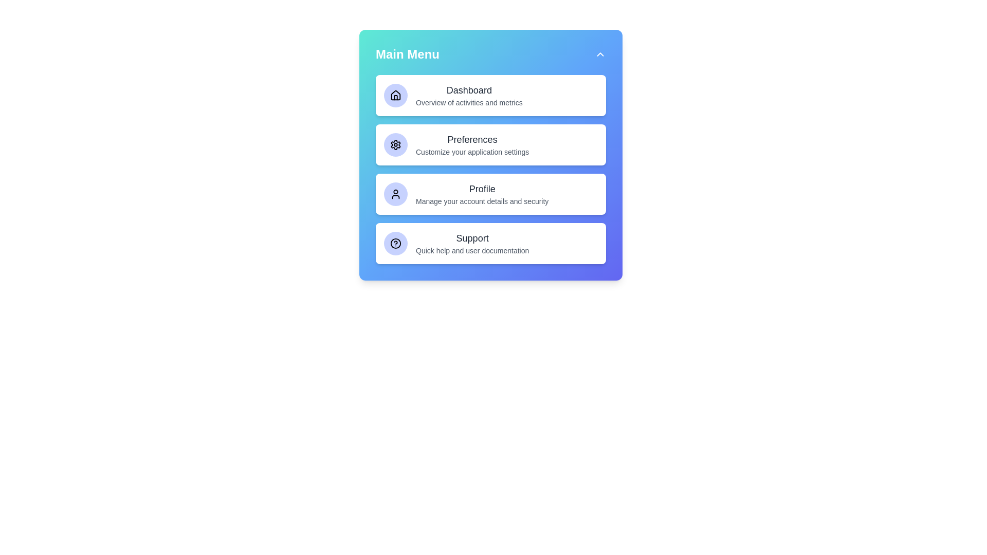 The height and width of the screenshot is (555, 987). What do you see at coordinates (490, 144) in the screenshot?
I see `the menu option Preferences to reveal its details` at bounding box center [490, 144].